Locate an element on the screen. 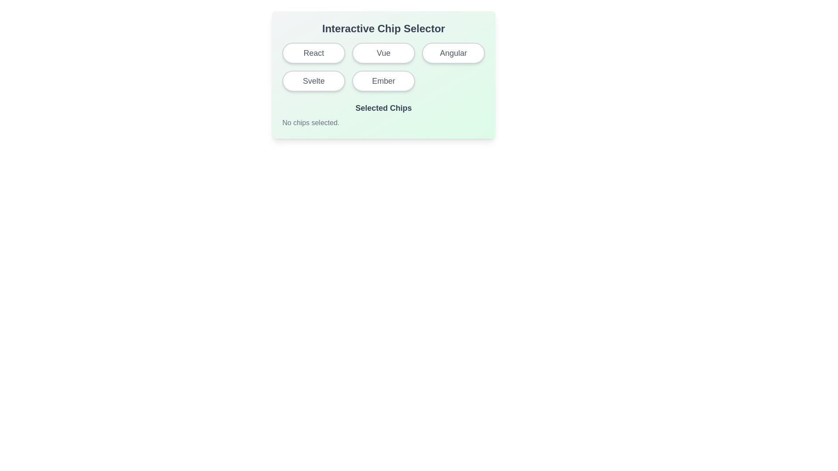  the static text label that reads 'No chips selected.' located in the 'Selected Chips' section, positioned near the bottom-left corner and below the grid of framework buttons is located at coordinates (311, 123).